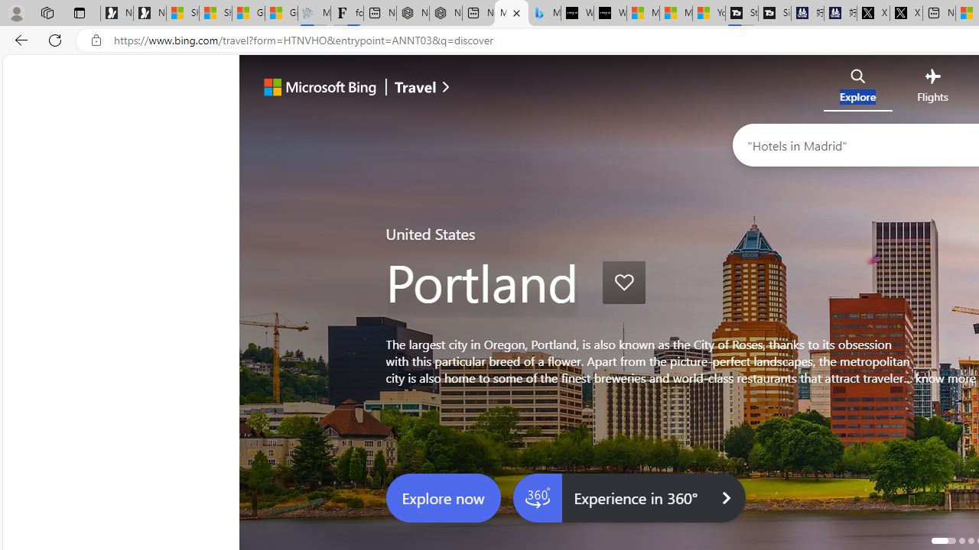 The width and height of the screenshot is (979, 550). Describe the element at coordinates (442, 497) in the screenshot. I see `'Explore now'` at that location.